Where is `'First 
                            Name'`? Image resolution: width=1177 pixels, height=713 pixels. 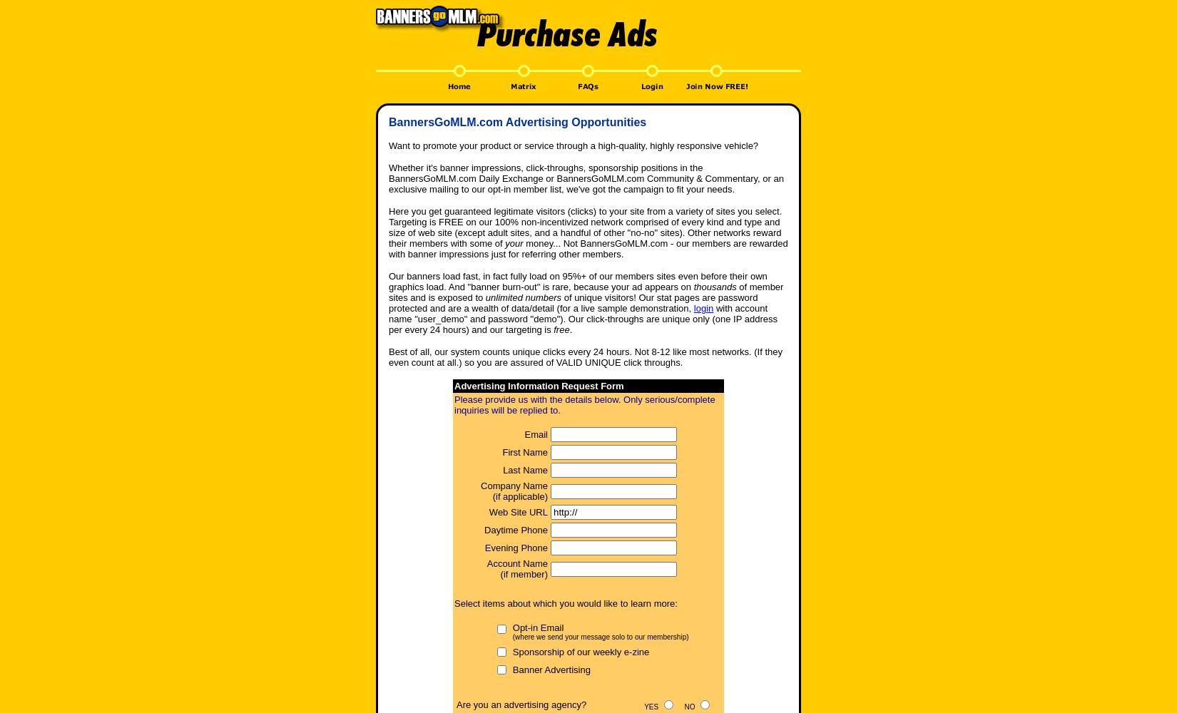
'First 
                            Name' is located at coordinates (524, 452).